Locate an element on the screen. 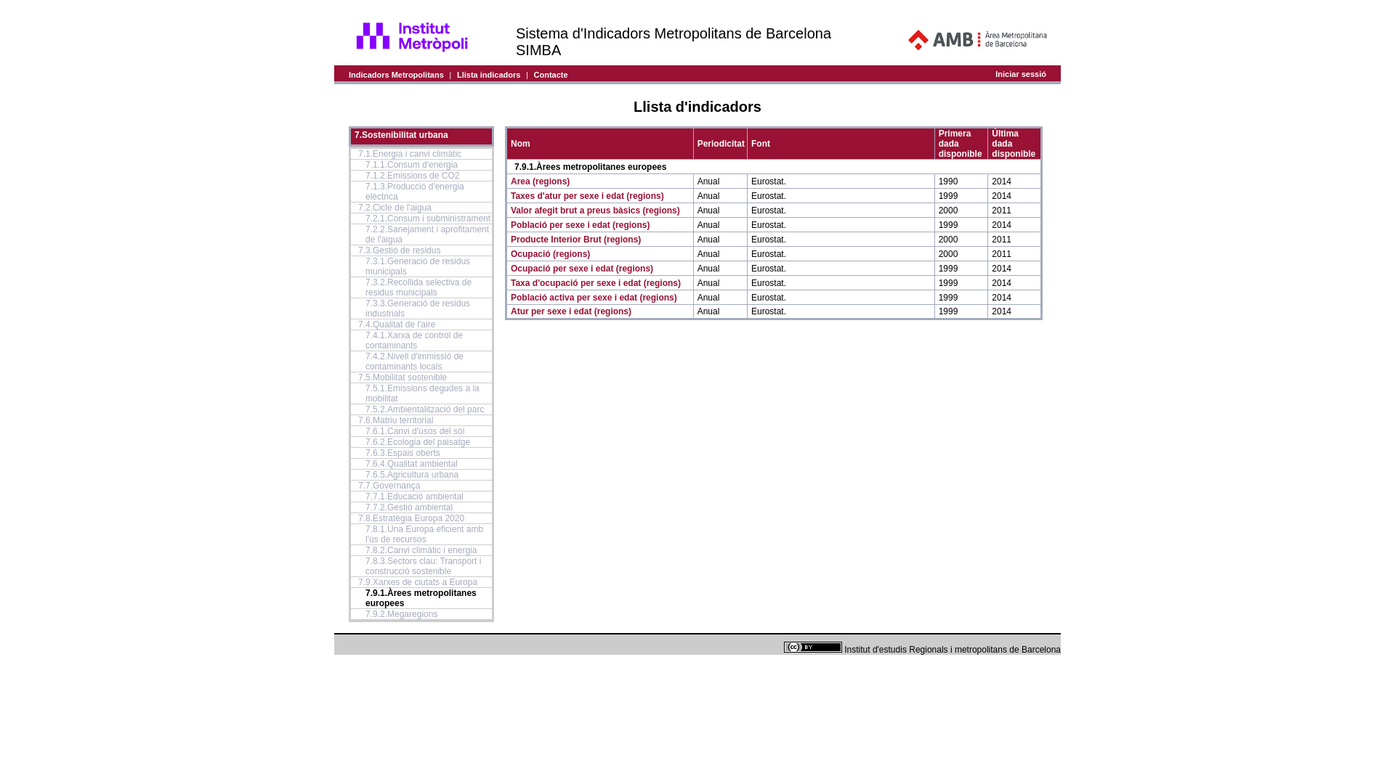  'Area (regions)' is located at coordinates (510, 180).